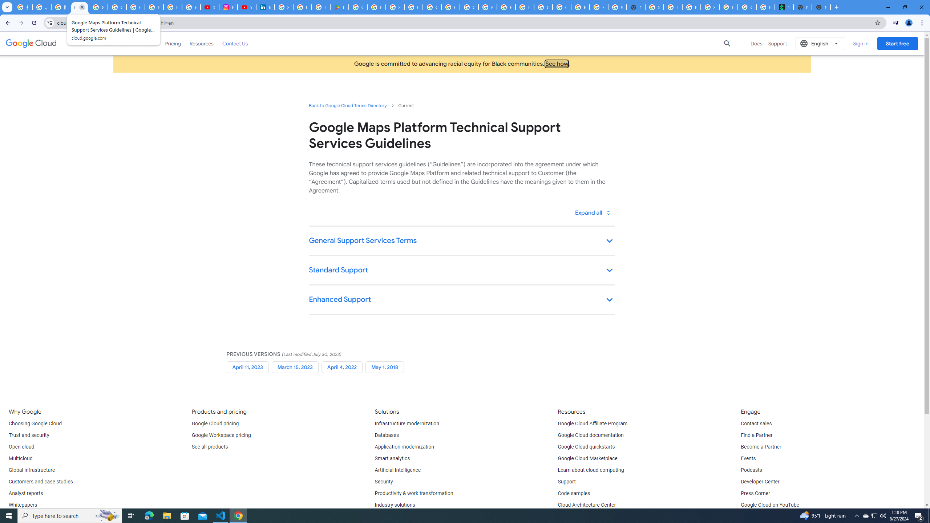  I want to click on 'Smart analytics', so click(392, 458).